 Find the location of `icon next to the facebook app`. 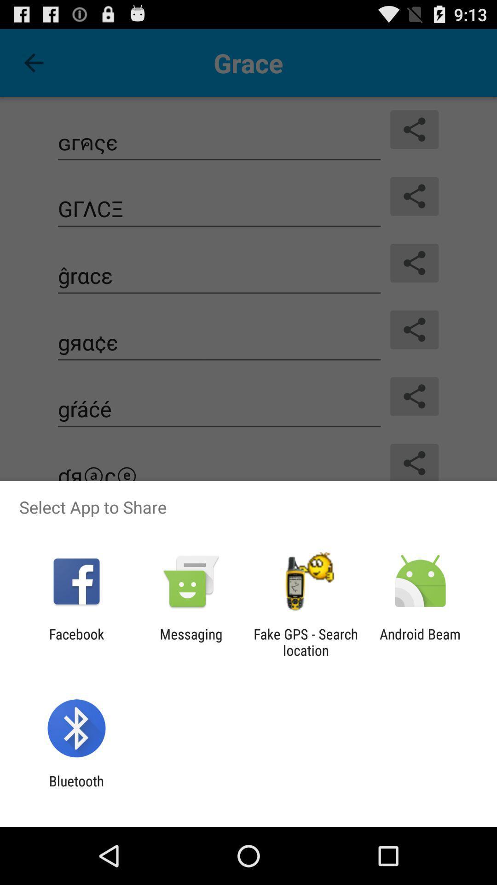

icon next to the facebook app is located at coordinates (191, 642).